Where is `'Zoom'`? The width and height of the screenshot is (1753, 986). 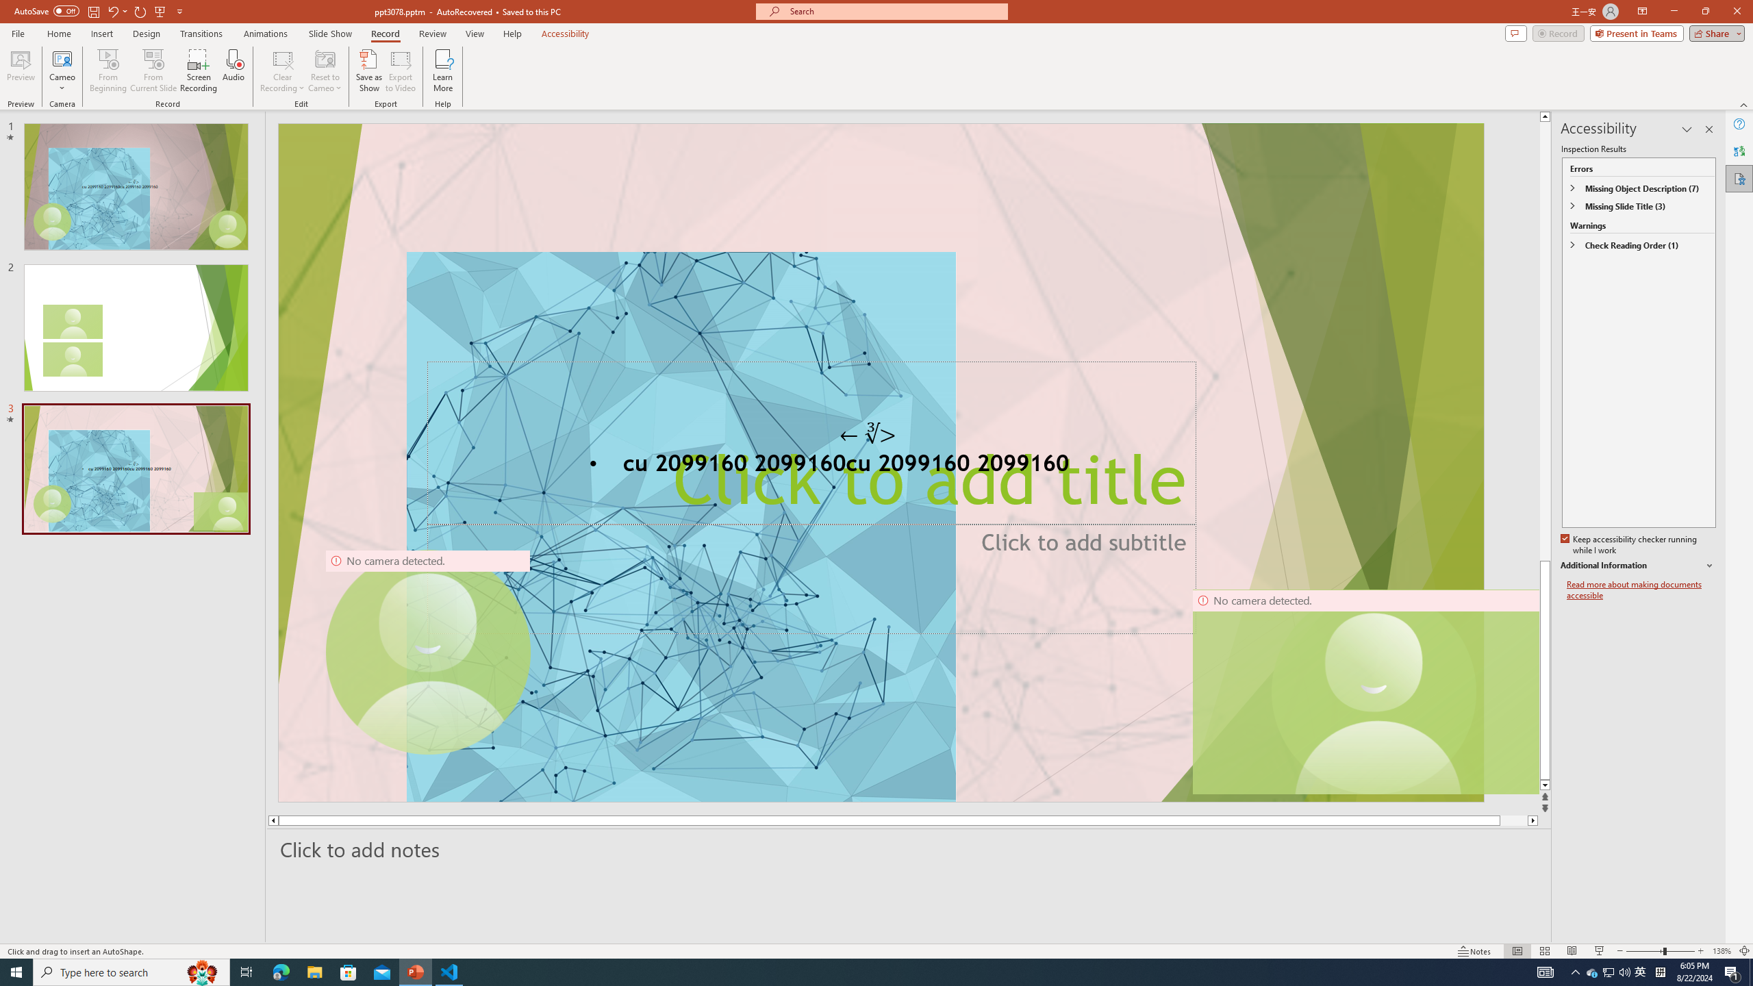
'Zoom' is located at coordinates (1661, 951).